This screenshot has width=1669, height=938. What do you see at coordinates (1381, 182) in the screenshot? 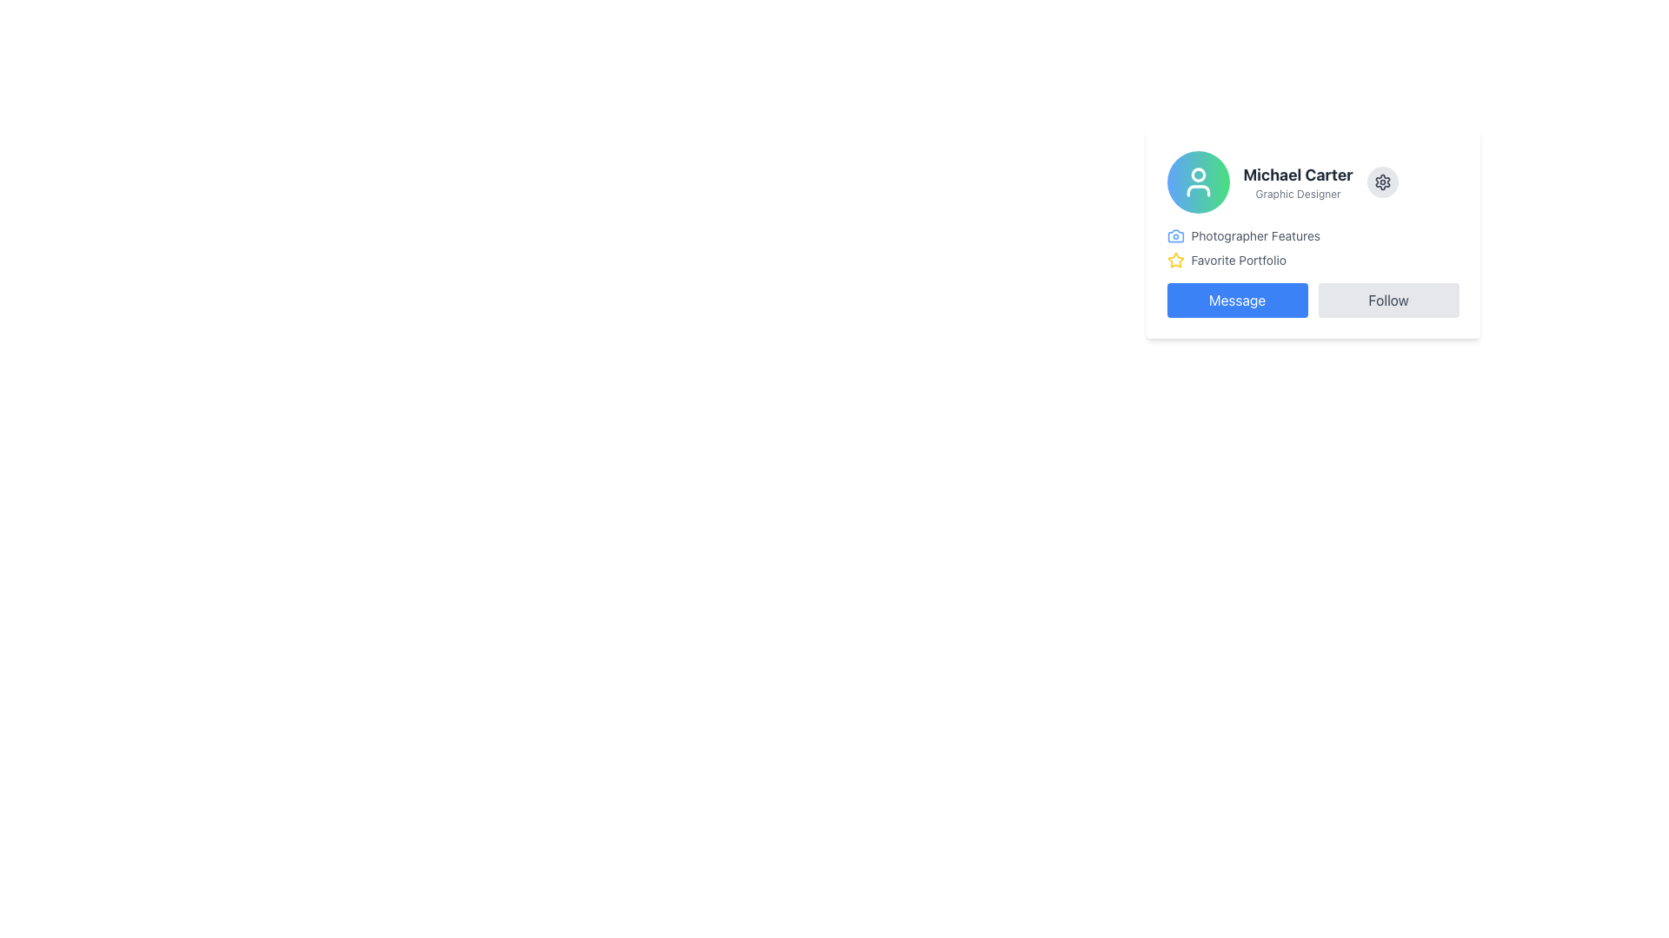
I see `the circular button with a light gray background and gear icon located to the right of the 'Michael Carter' title in the profile card` at bounding box center [1381, 182].